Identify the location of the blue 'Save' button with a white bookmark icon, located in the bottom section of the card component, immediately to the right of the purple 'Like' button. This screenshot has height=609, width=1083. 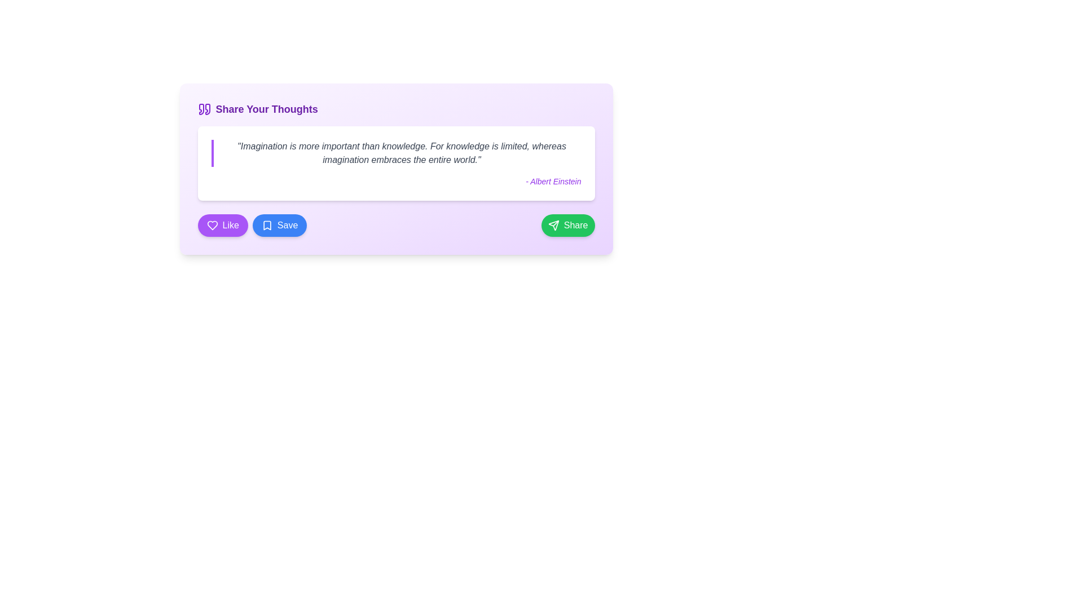
(280, 226).